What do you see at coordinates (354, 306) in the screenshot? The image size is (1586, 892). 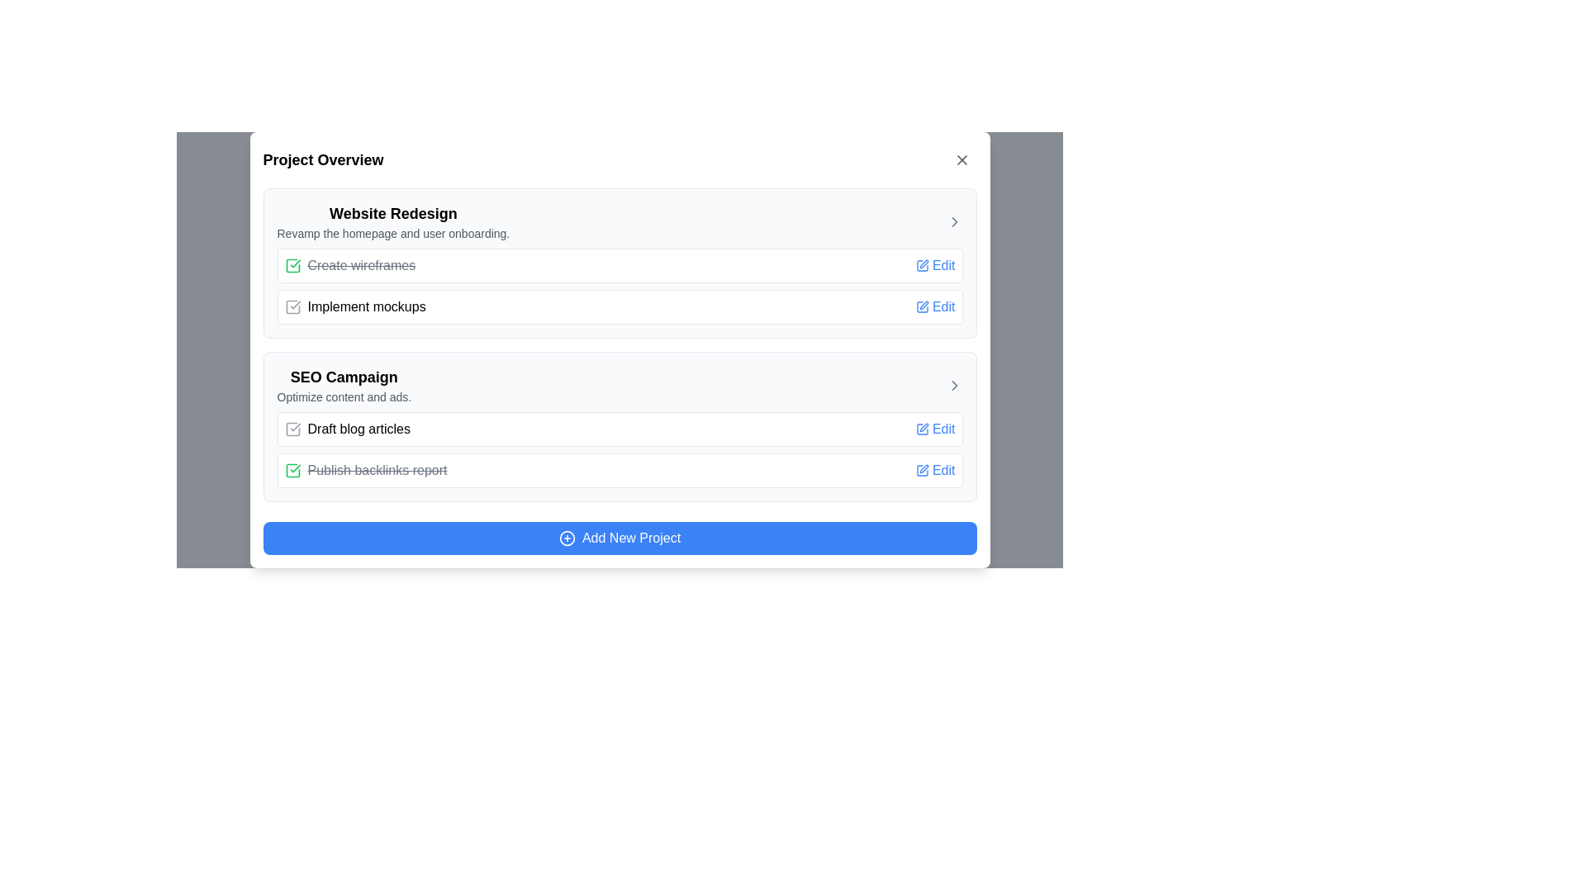 I see `the checked checkbox icon next to the task 'Implement mockups'` at bounding box center [354, 306].